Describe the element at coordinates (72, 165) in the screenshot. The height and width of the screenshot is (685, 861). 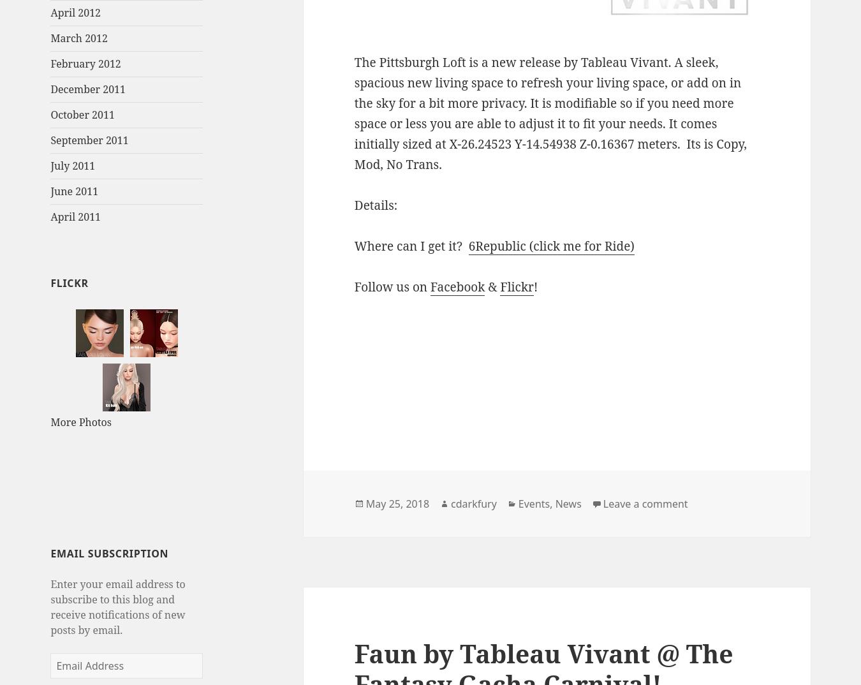
I see `'July 2011'` at that location.